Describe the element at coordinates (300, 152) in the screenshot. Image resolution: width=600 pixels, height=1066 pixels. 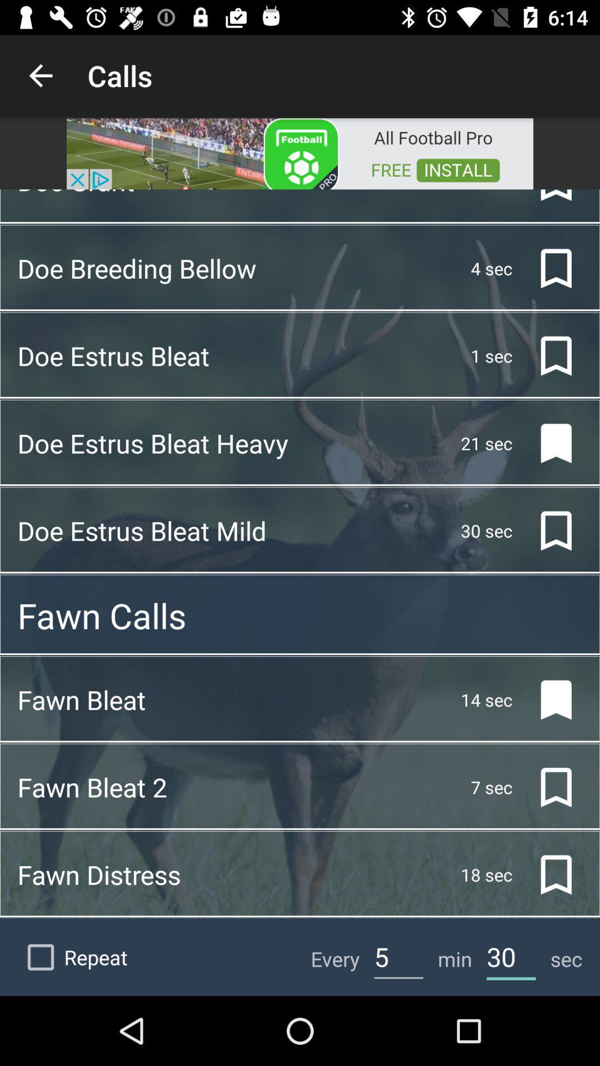
I see `links to external advertisement` at that location.